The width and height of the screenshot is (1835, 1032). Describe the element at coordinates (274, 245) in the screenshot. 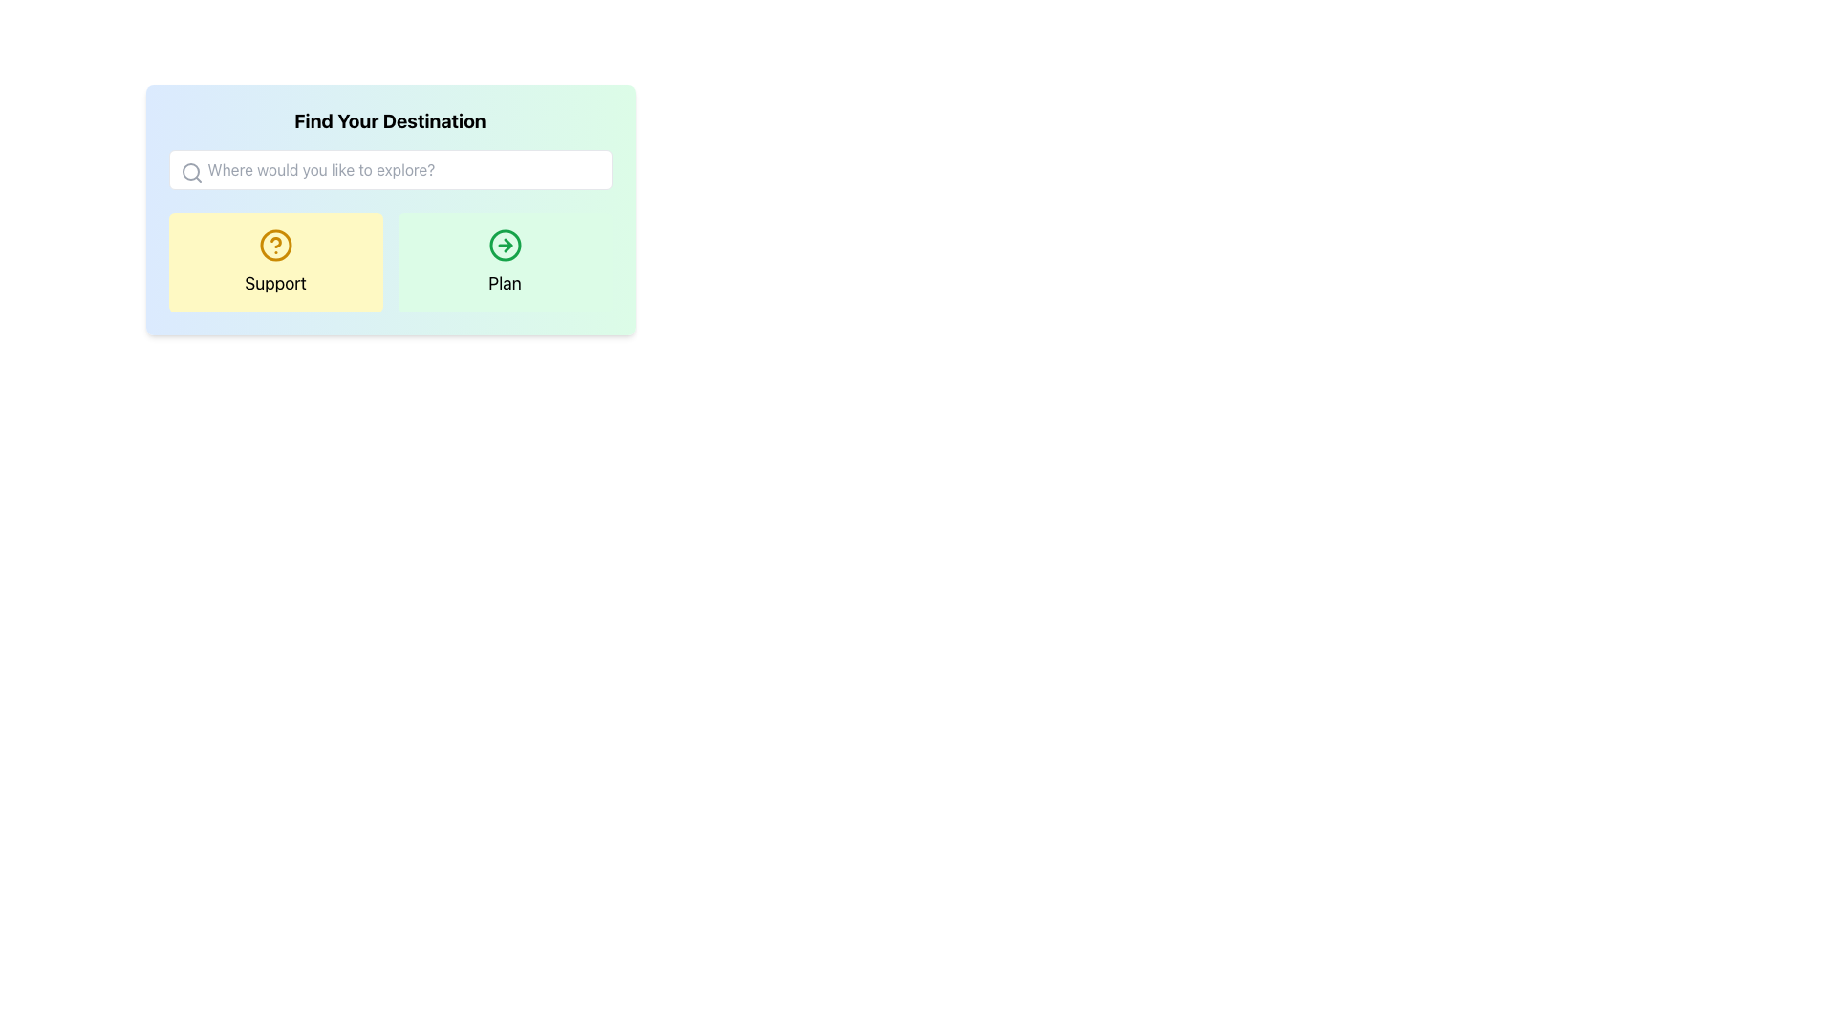

I see `the SVG Circle element styled as part of the 'Help' icon within the 'Support' button` at that location.